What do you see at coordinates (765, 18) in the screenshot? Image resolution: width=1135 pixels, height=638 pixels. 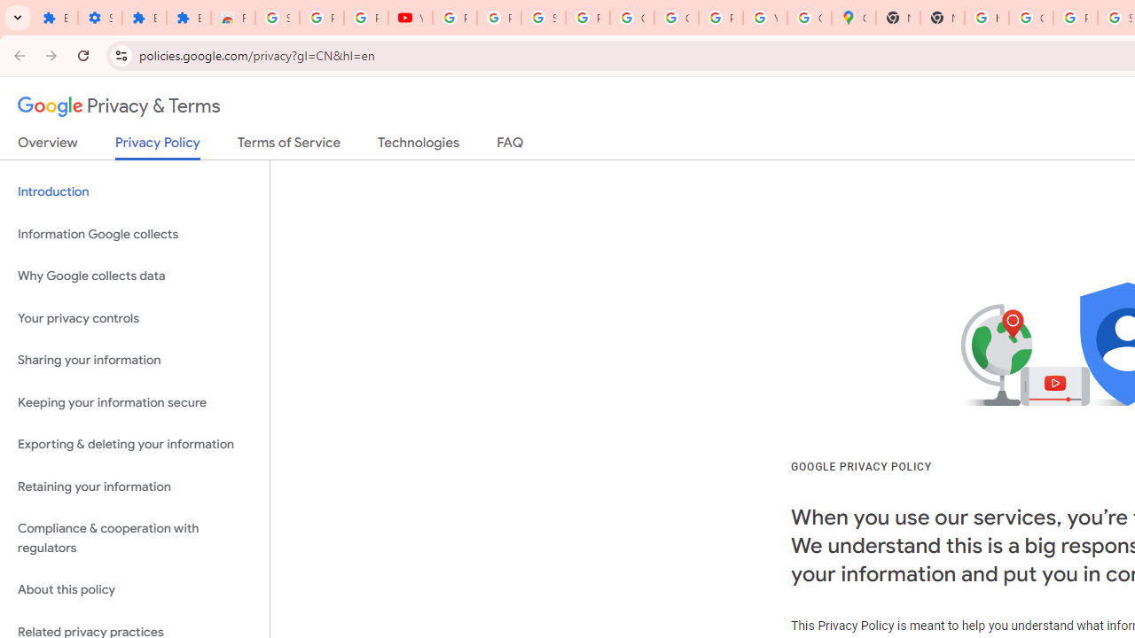 I see `'YouTube'` at bounding box center [765, 18].